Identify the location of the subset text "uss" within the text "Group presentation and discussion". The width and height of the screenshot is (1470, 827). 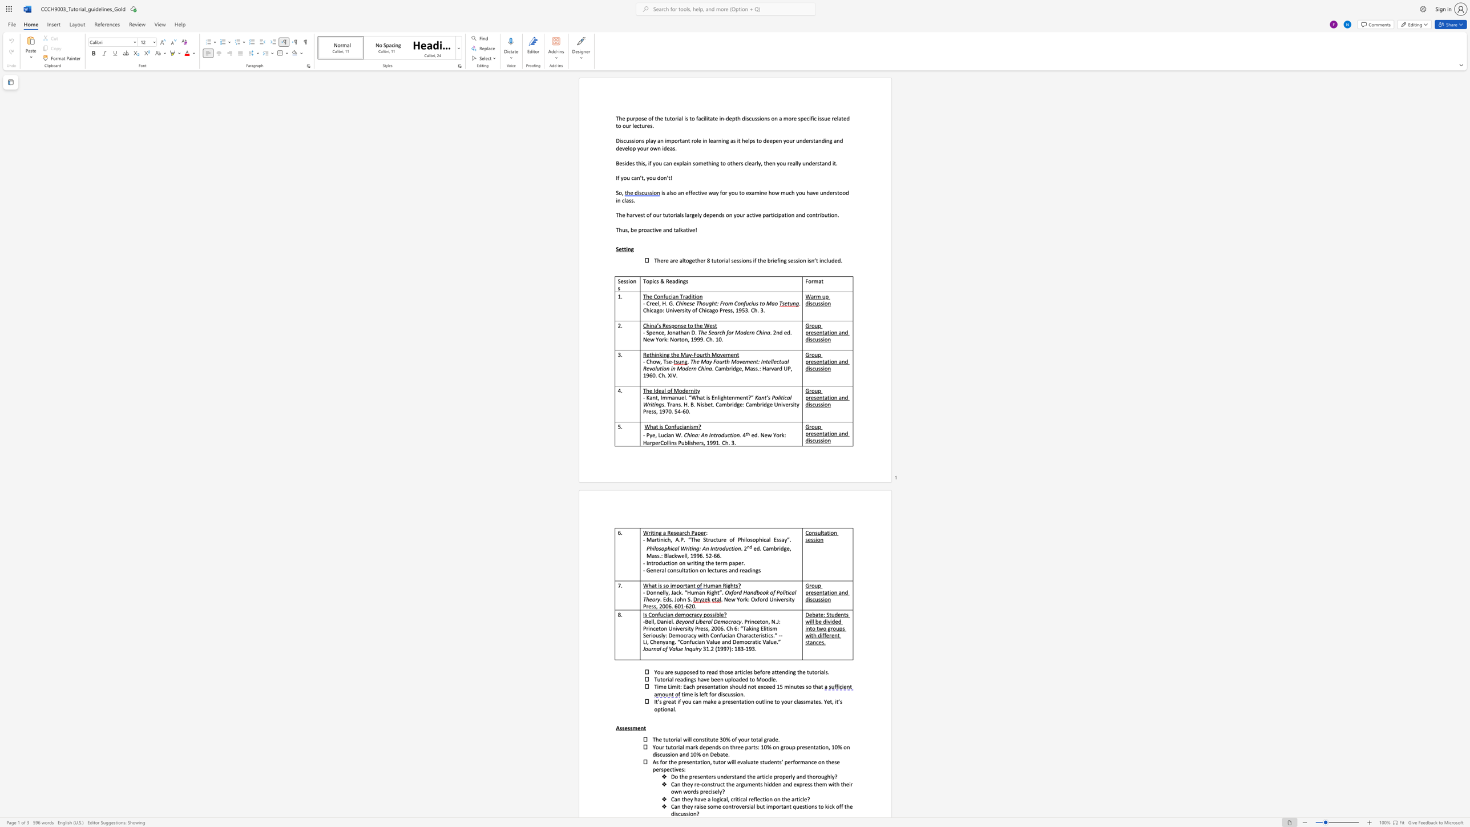
(815, 339).